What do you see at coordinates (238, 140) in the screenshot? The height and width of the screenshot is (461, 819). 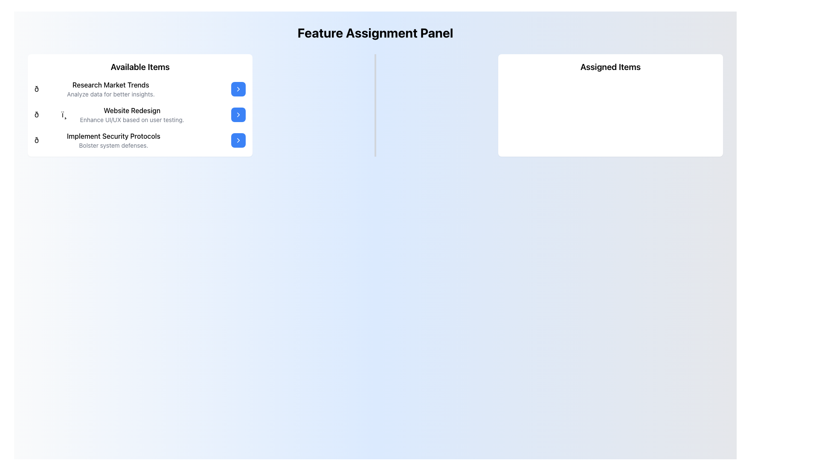 I see `the right-pointing chevron SVG icon located in the 'Implement Security Protocols' row of the 'Available Items' list` at bounding box center [238, 140].